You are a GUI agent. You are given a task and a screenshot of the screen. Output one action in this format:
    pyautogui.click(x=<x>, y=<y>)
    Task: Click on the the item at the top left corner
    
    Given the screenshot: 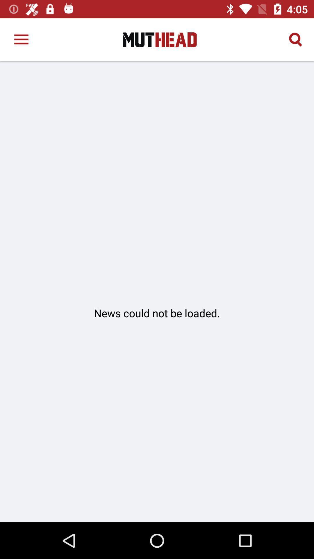 What is the action you would take?
    pyautogui.click(x=21, y=39)
    